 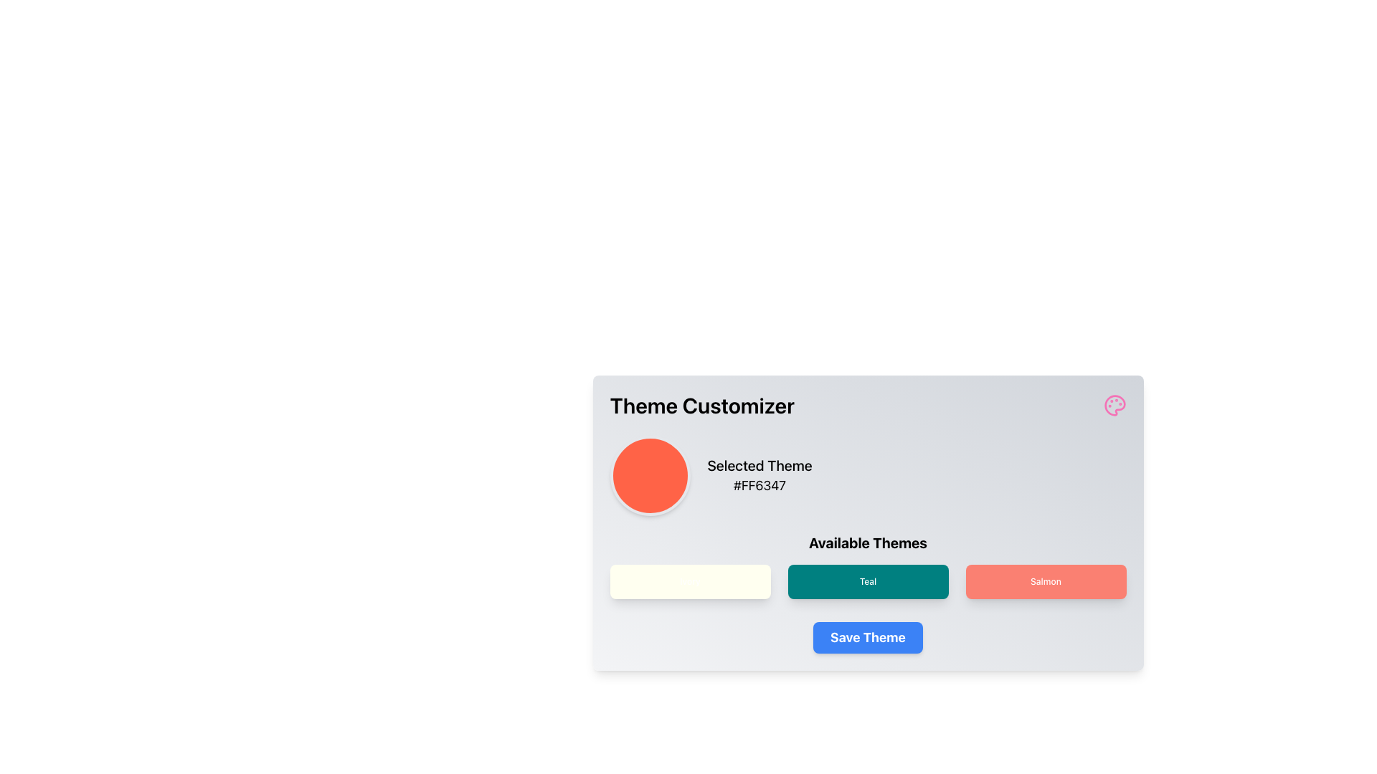 I want to click on the teal-colored rectangular button labeled 'Teal', so click(x=867, y=565).